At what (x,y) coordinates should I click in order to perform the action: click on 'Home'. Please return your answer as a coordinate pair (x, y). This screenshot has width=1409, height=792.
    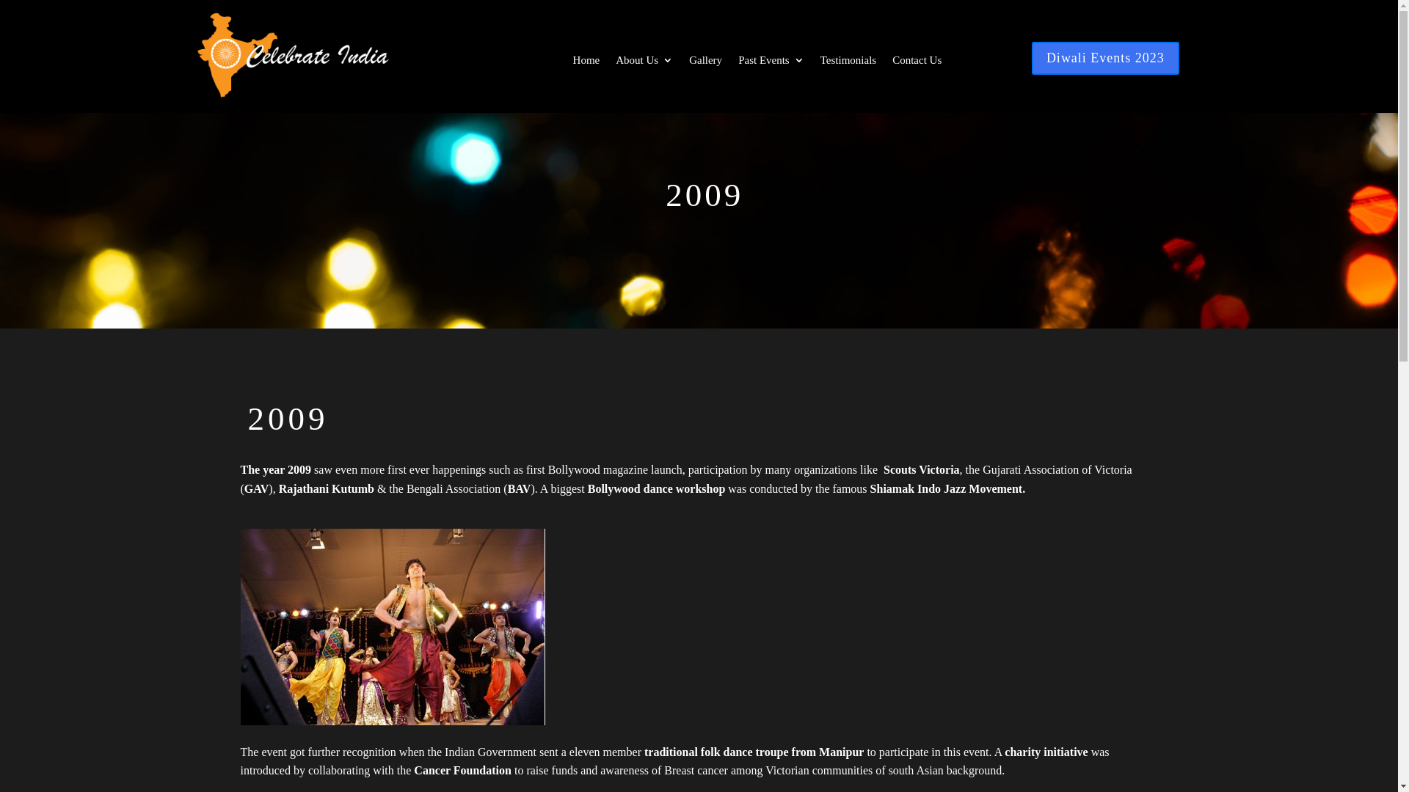
    Looking at the image, I should click on (586, 62).